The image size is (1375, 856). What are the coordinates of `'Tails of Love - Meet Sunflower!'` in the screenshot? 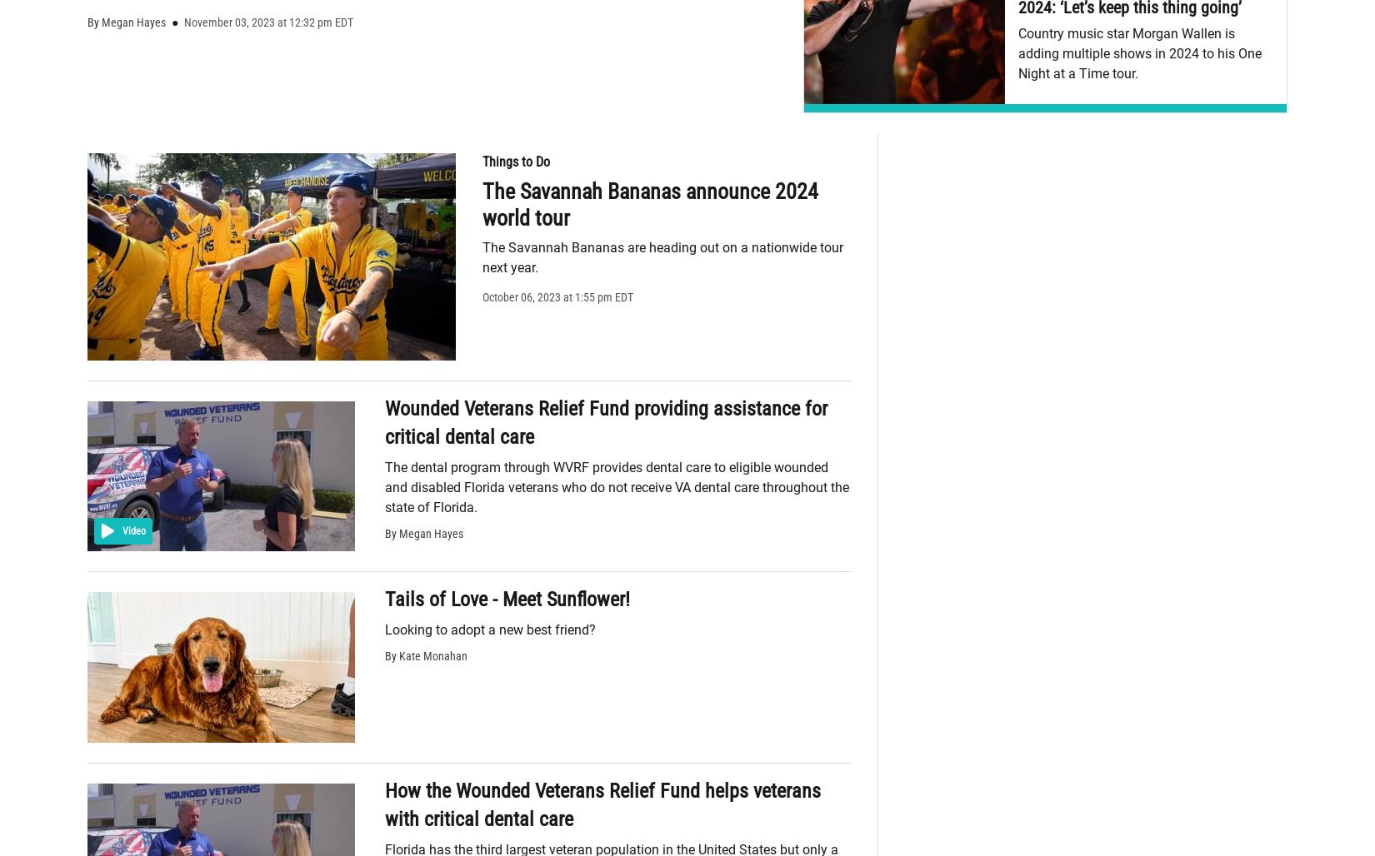 It's located at (507, 599).